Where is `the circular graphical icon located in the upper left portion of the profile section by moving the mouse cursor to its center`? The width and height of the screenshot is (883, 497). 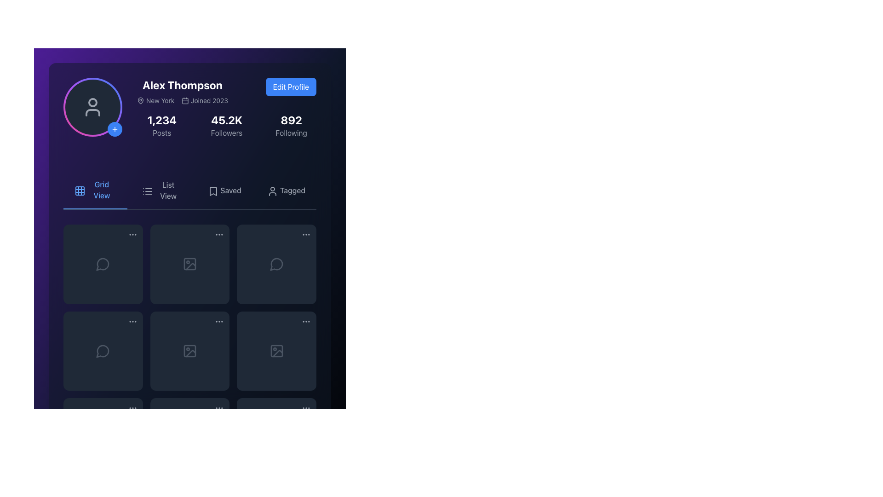
the circular graphical icon located in the upper left portion of the profile section by moving the mouse cursor to its center is located at coordinates (92, 103).